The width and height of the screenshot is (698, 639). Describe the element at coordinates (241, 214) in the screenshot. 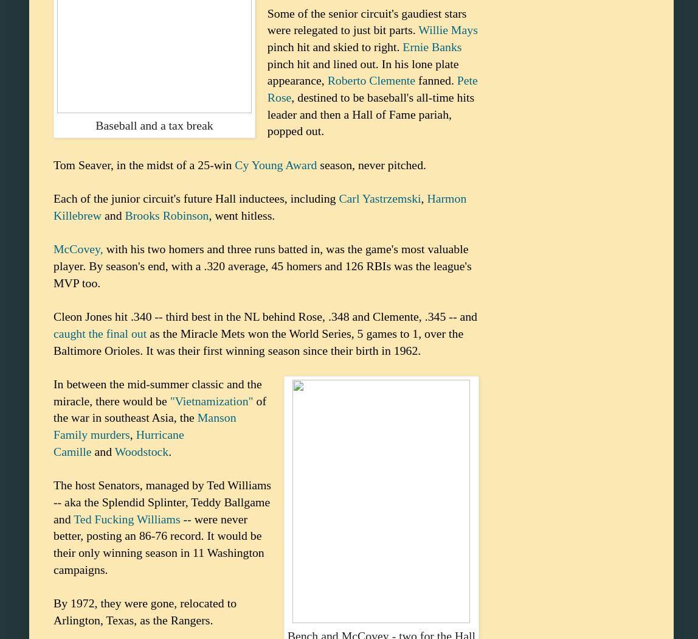

I see `', went hitless.'` at that location.